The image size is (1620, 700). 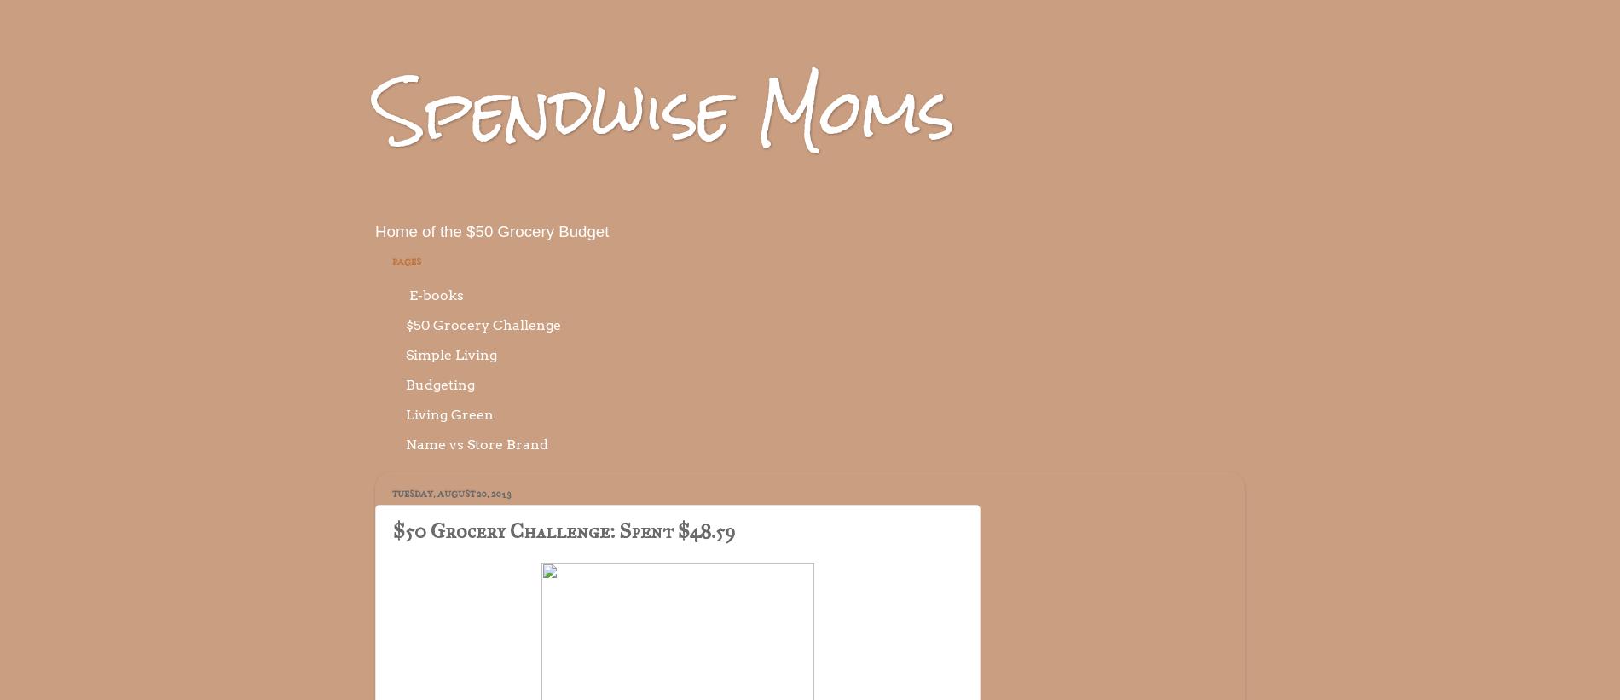 I want to click on 'Pages', so click(x=391, y=260).